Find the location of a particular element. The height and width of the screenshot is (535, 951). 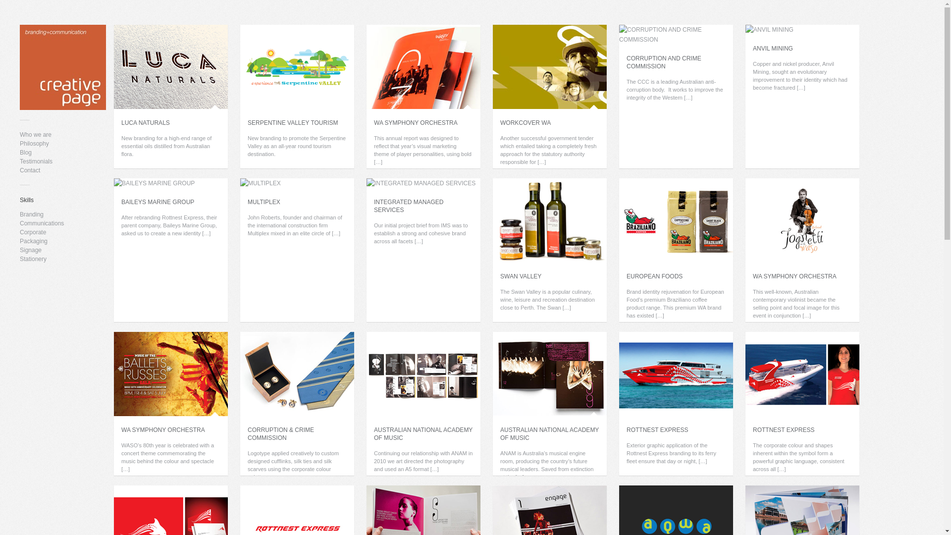

'Contact' is located at coordinates (30, 169).